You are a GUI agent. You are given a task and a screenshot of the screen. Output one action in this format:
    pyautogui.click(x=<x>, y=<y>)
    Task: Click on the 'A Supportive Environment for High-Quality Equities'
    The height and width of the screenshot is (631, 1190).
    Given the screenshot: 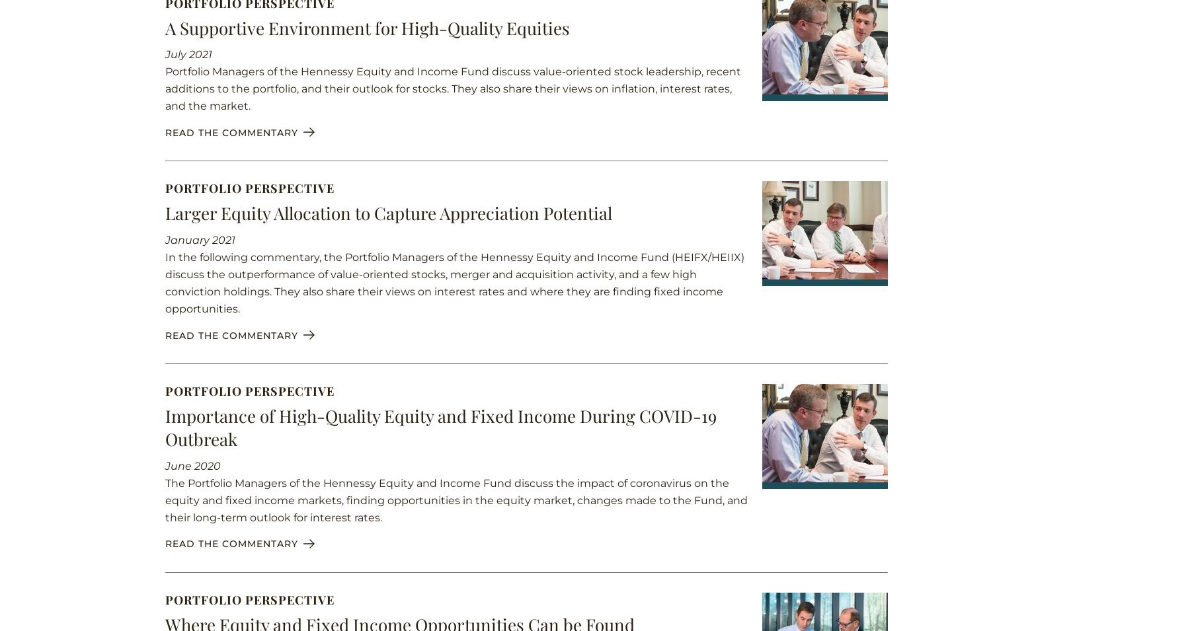 What is the action you would take?
    pyautogui.click(x=165, y=26)
    